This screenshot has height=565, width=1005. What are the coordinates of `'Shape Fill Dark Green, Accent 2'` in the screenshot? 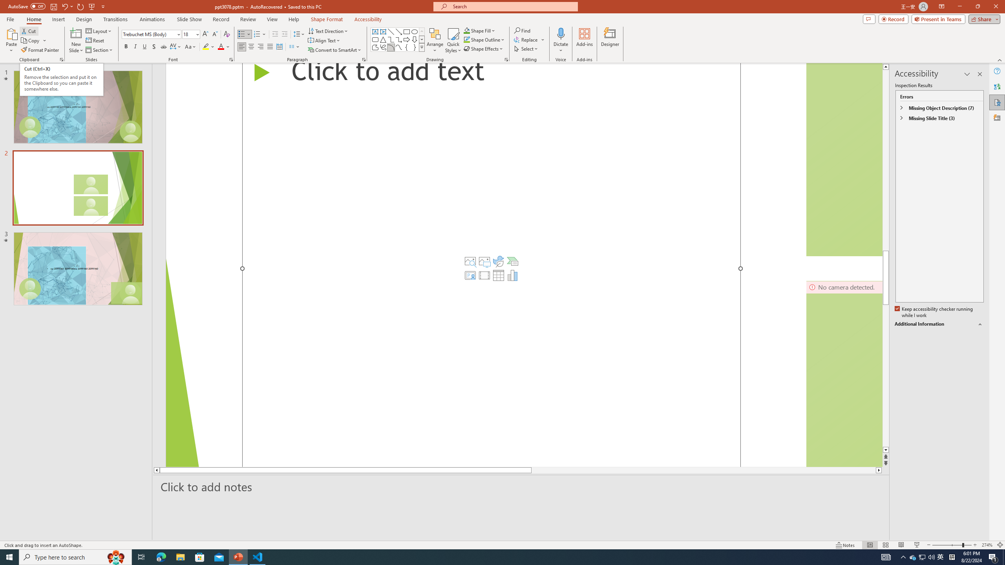 It's located at (467, 30).